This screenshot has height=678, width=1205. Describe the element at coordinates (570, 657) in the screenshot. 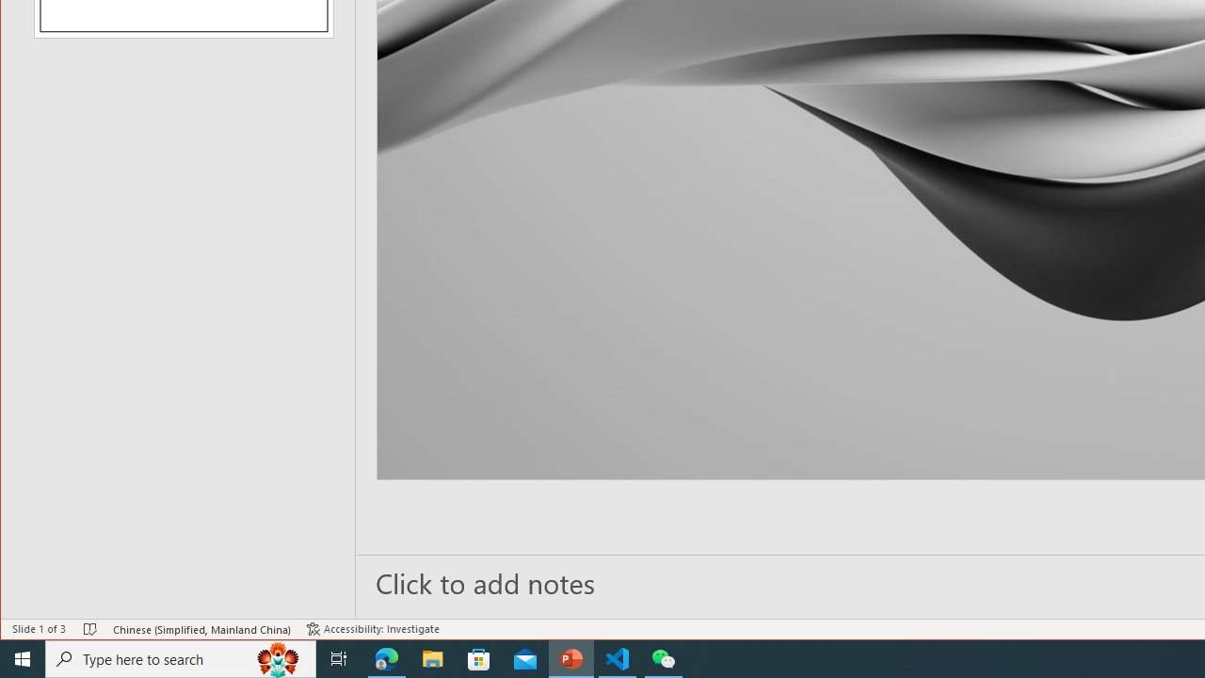

I see `'PowerPoint - 1 running window'` at that location.